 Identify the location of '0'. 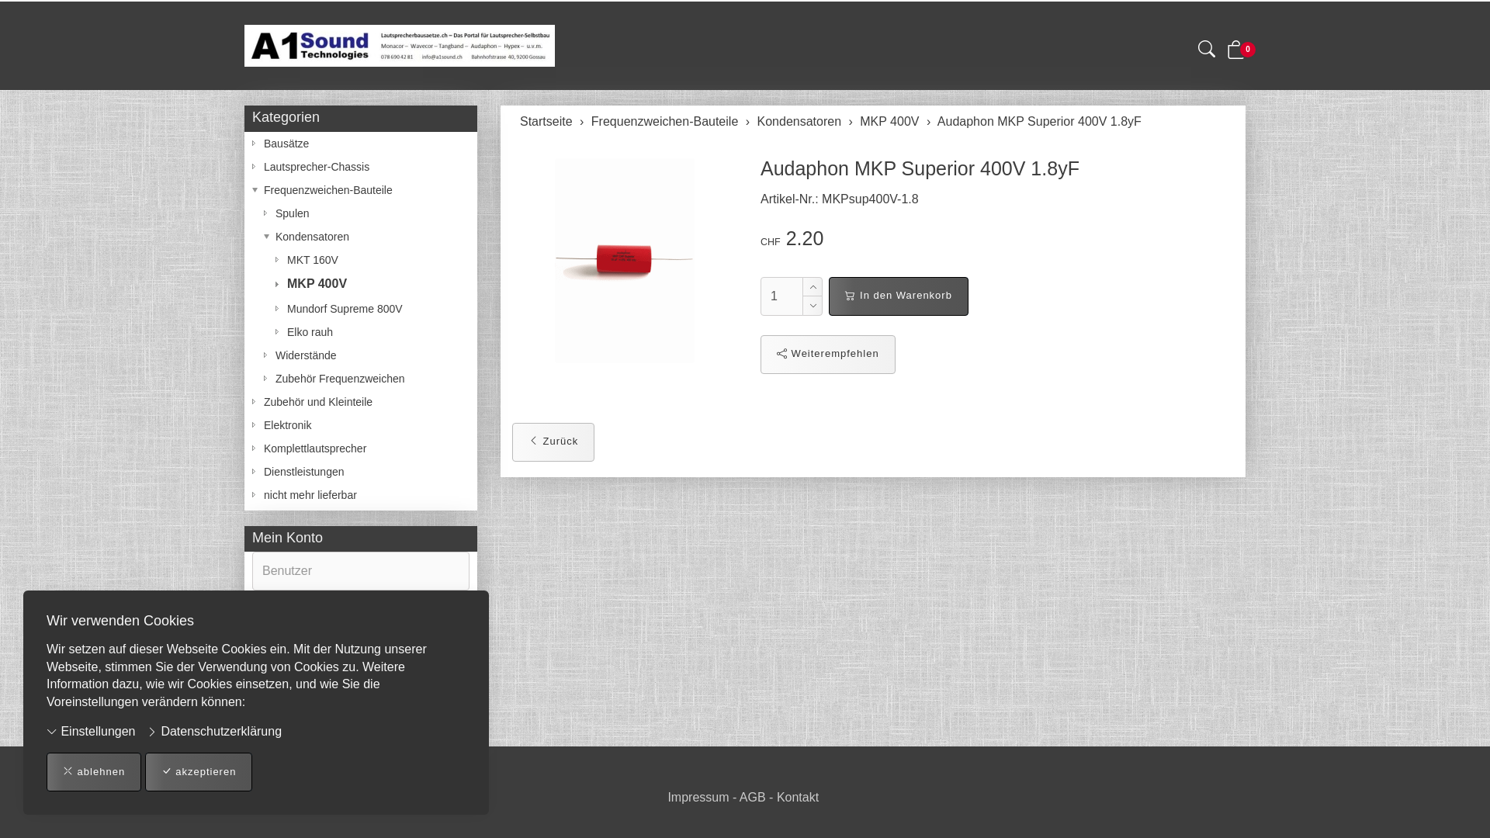
(1235, 53).